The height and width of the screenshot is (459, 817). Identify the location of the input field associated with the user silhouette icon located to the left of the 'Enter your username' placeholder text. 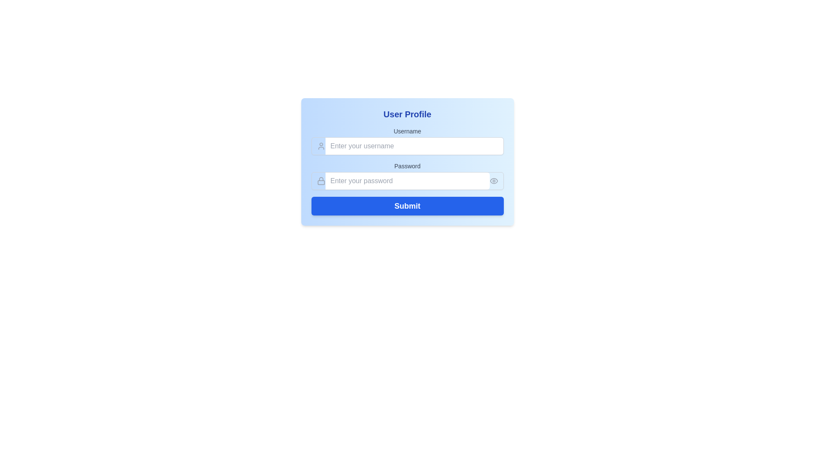
(320, 145).